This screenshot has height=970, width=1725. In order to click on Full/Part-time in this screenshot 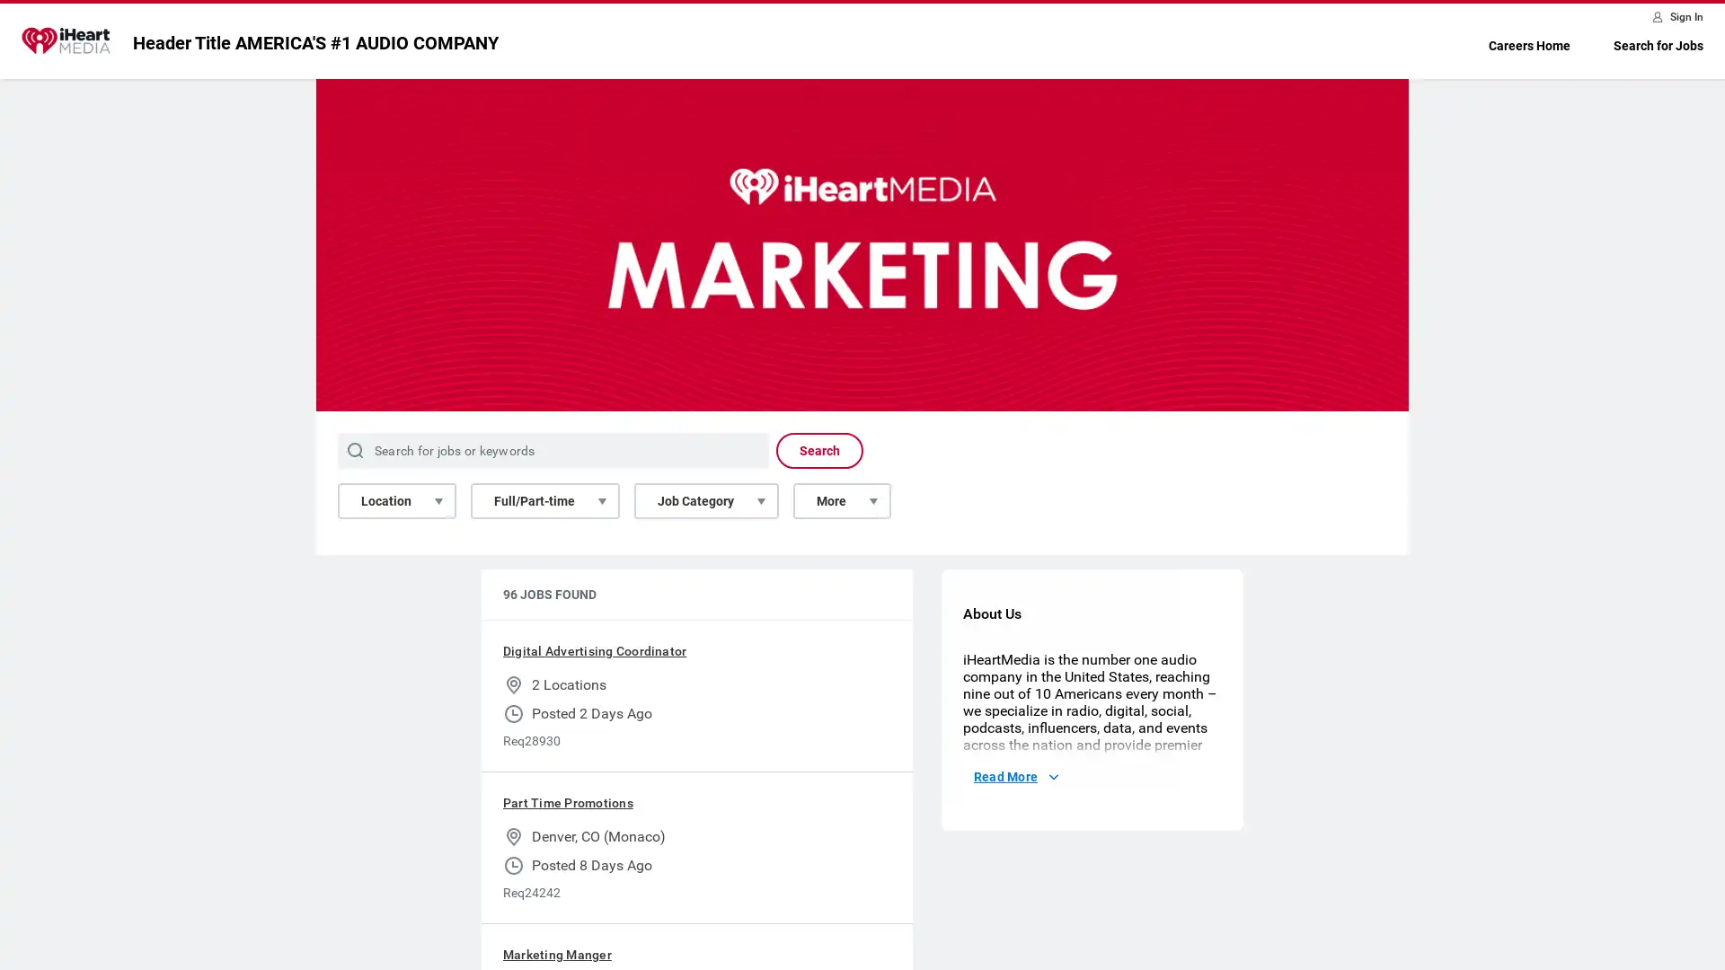, I will do `click(544, 501)`.